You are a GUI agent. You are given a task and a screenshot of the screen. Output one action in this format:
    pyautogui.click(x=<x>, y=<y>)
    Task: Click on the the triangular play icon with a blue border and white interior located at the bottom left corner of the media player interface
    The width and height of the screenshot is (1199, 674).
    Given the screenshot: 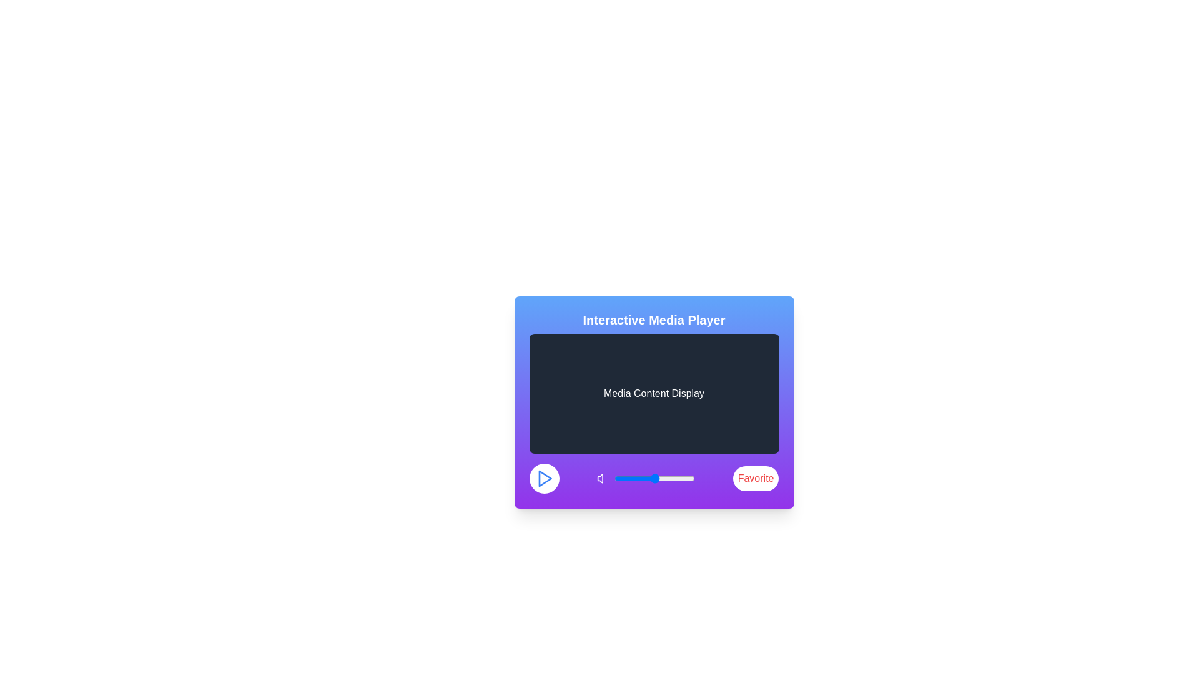 What is the action you would take?
    pyautogui.click(x=544, y=478)
    